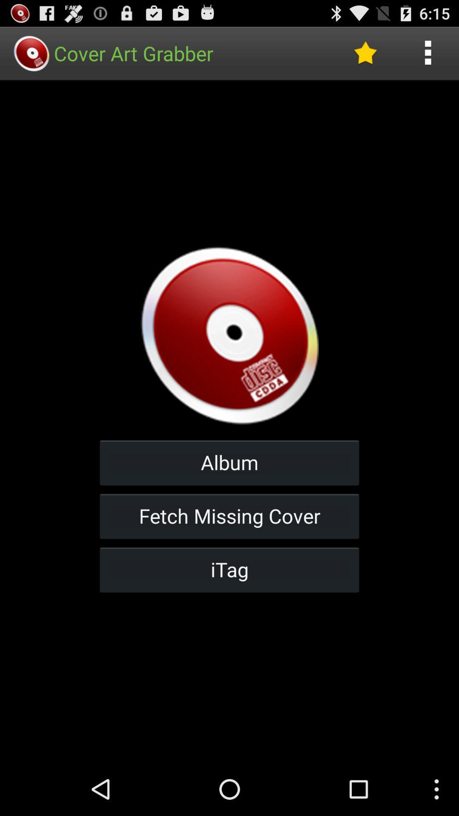 The width and height of the screenshot is (459, 816). What do you see at coordinates (229, 569) in the screenshot?
I see `the item at the bottom` at bounding box center [229, 569].